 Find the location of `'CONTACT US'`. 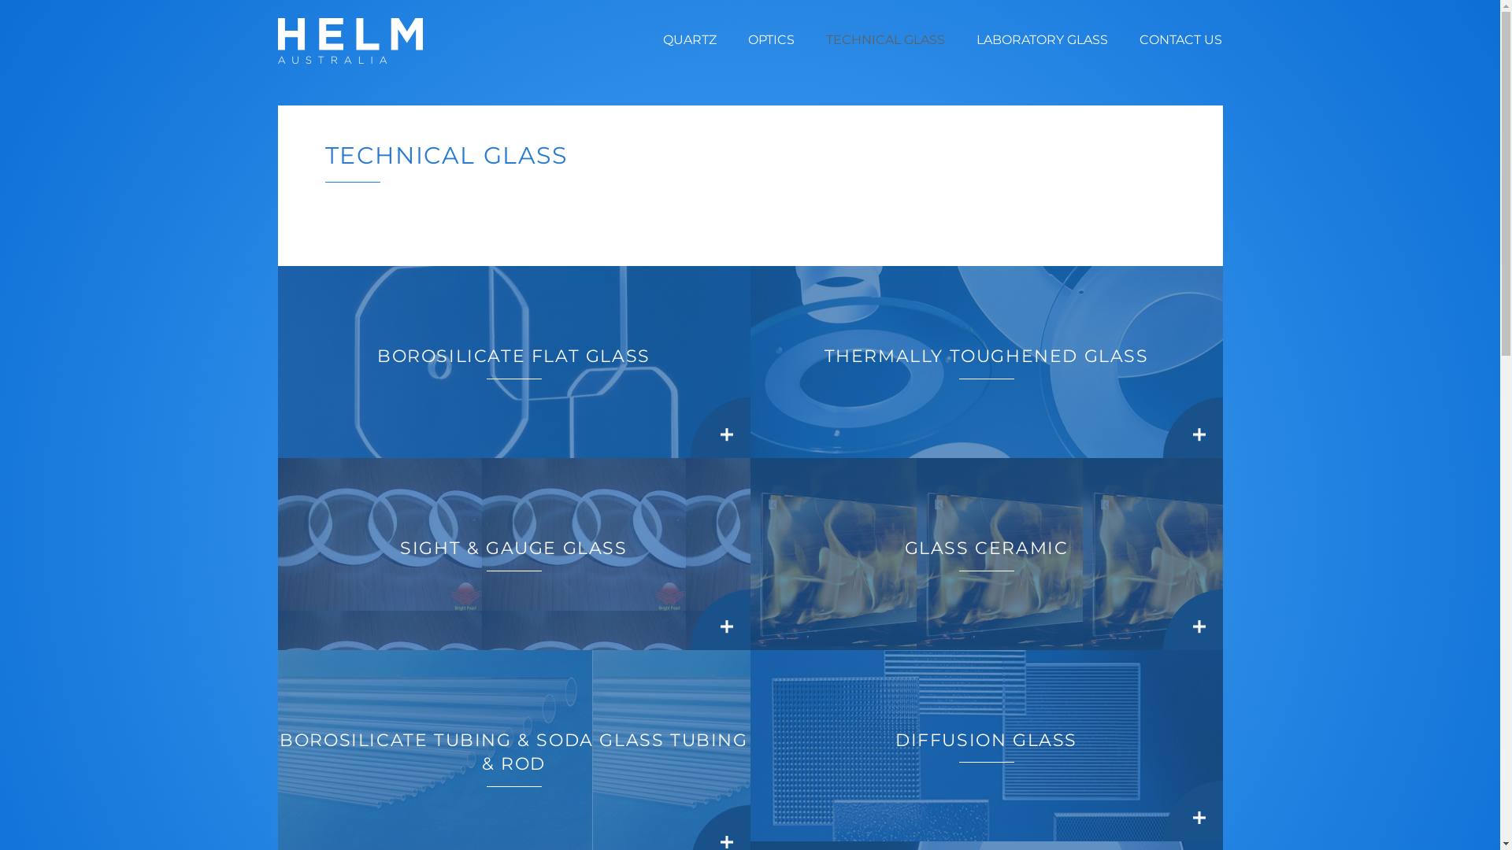

'CONTACT US' is located at coordinates (1139, 39).